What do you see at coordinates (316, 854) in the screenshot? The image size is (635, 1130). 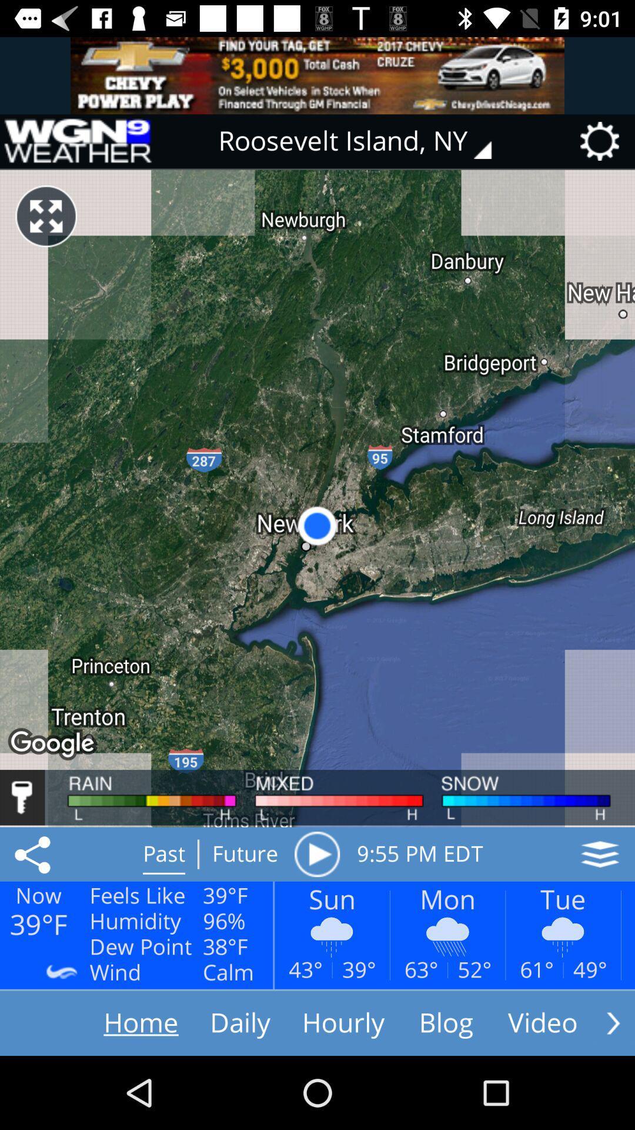 I see `plays a snapshot of the weather` at bounding box center [316, 854].